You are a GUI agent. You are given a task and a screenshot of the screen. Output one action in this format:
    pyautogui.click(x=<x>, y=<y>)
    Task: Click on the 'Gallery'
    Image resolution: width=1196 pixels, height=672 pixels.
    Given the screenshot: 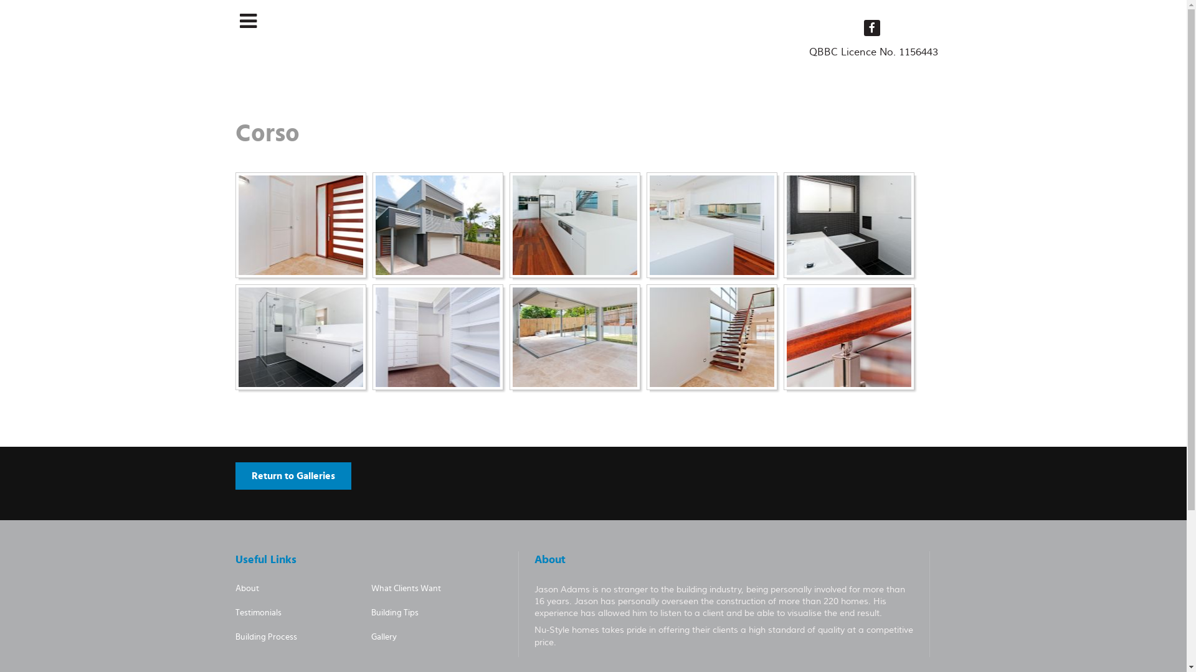 What is the action you would take?
    pyautogui.click(x=383, y=637)
    